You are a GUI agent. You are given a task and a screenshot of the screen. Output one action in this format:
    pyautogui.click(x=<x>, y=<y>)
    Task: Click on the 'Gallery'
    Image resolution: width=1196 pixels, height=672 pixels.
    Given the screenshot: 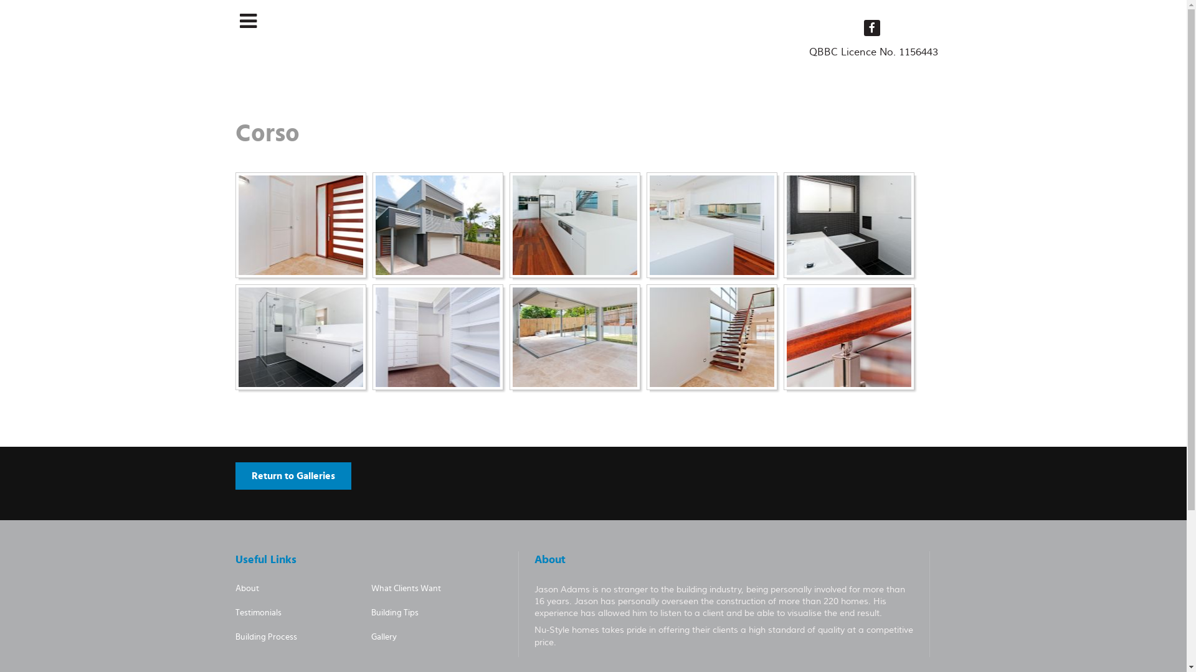 What is the action you would take?
    pyautogui.click(x=383, y=637)
    